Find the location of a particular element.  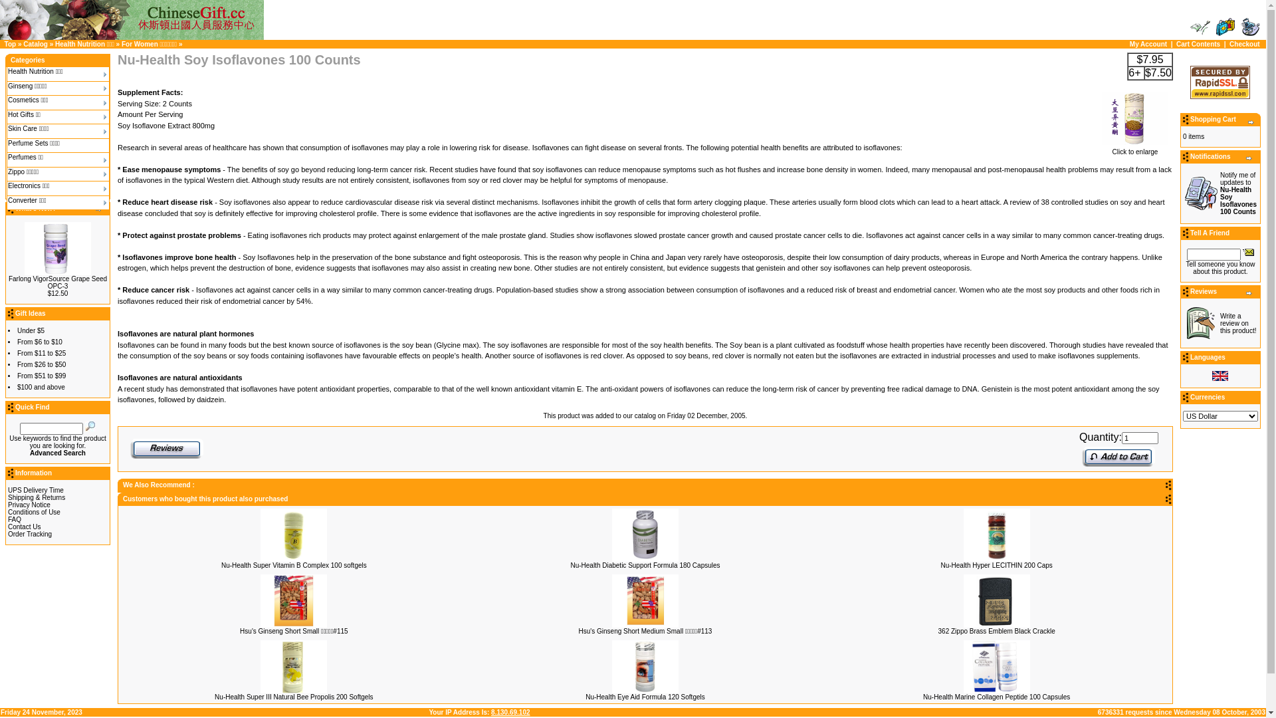

'362 Zippo Brass Emblem Black Crackle' is located at coordinates (937, 630).